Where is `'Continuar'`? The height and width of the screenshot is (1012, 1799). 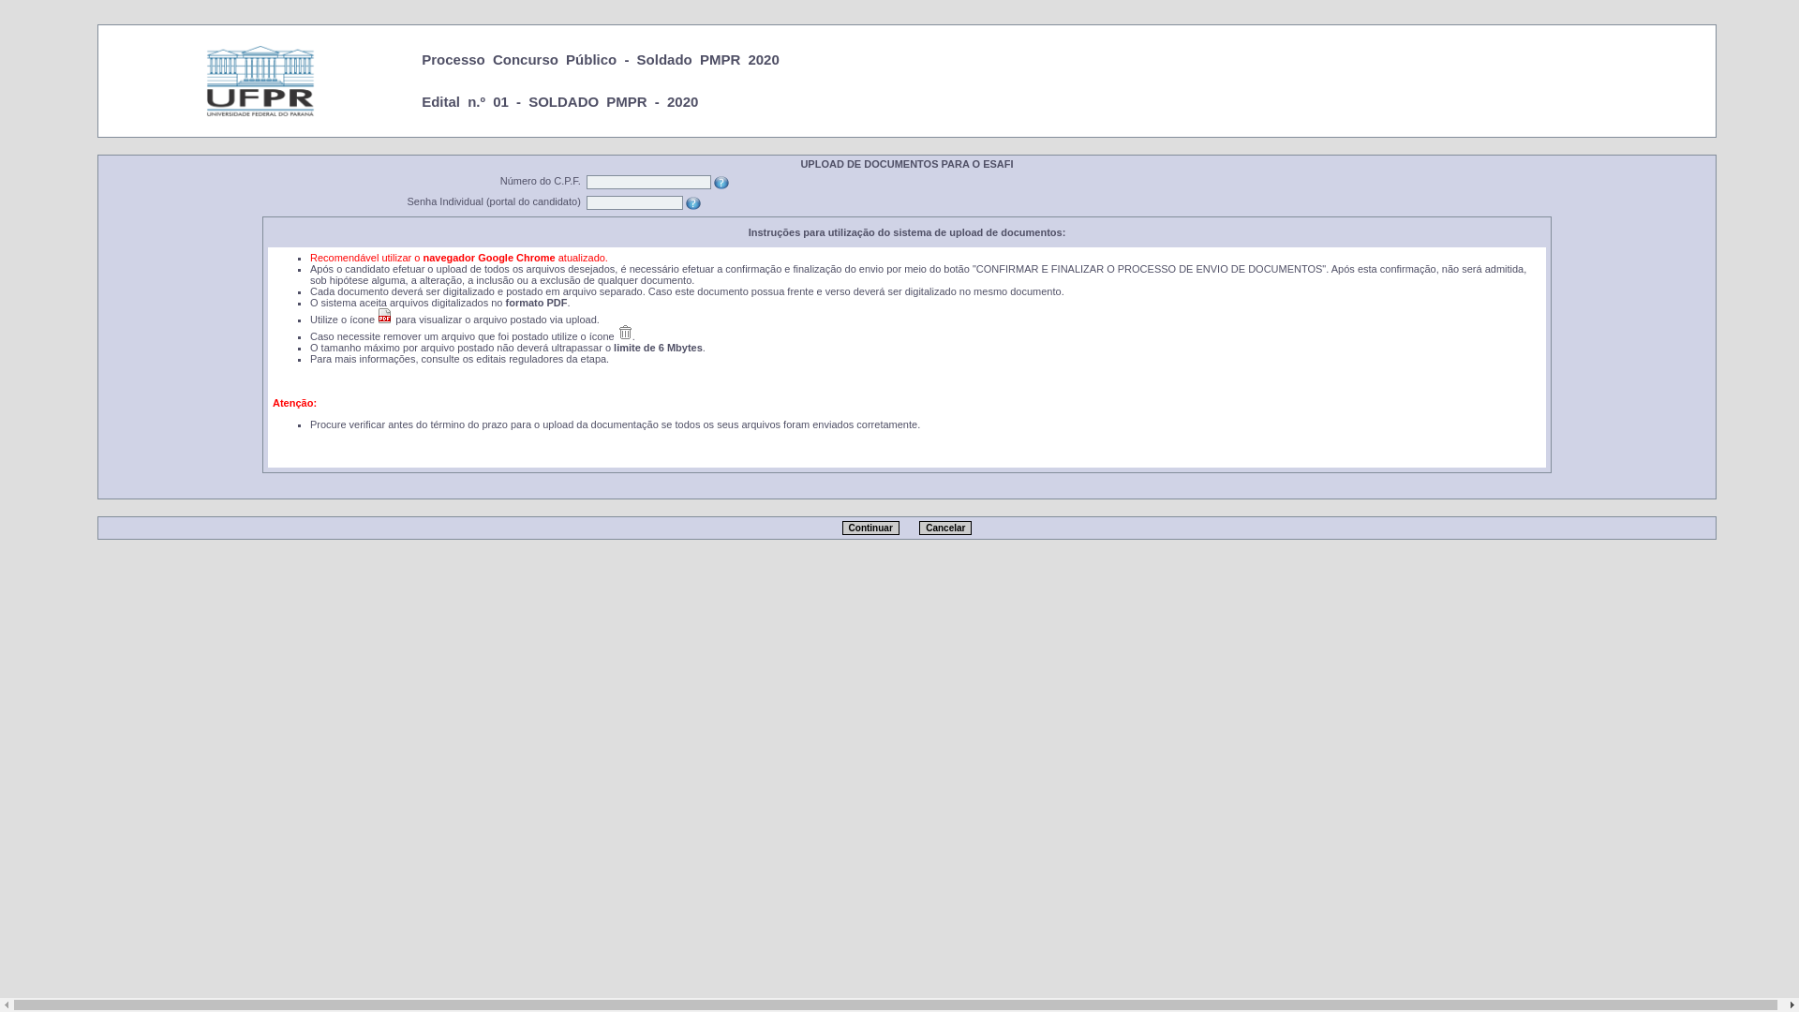 'Continuar' is located at coordinates (870, 528).